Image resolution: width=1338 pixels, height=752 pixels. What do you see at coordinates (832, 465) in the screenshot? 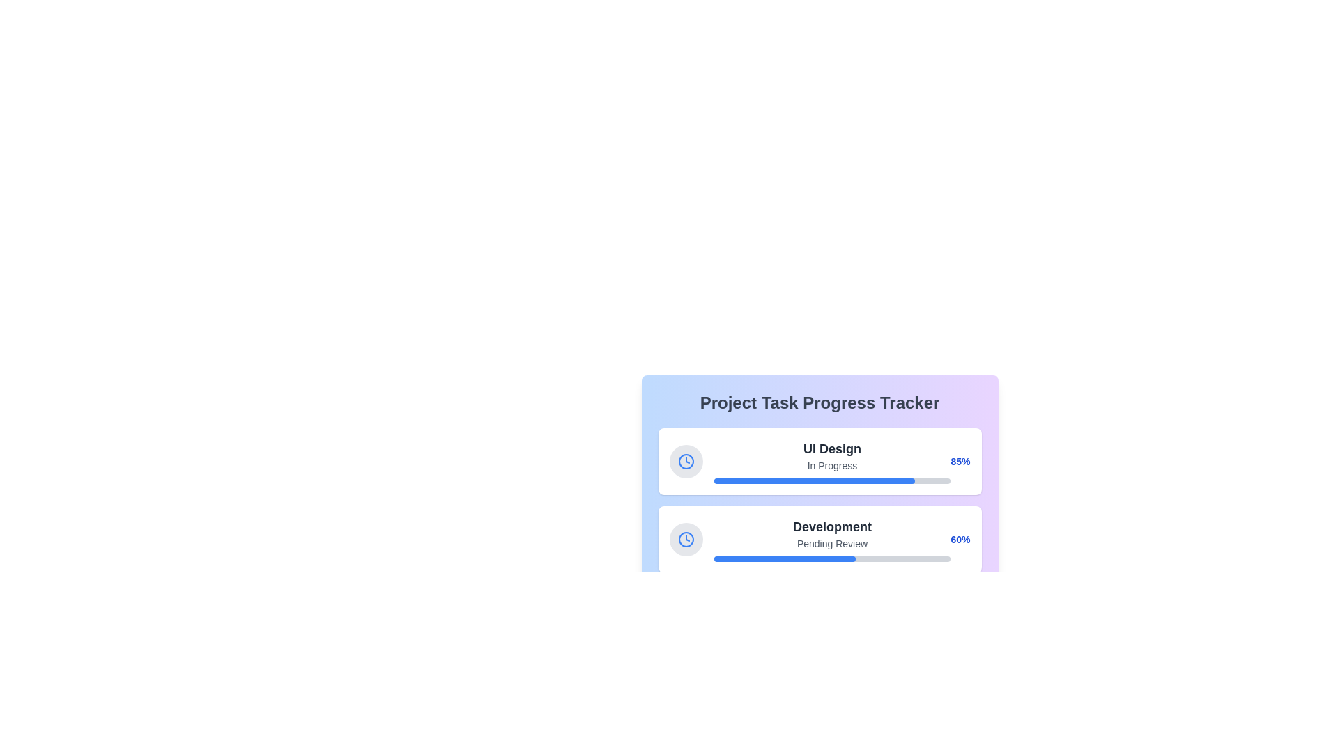
I see `the text label indicating the current status 'In Progress' of the project 'UI Design', which is centrally positioned beneath the primary label within the progress tracker card` at bounding box center [832, 465].